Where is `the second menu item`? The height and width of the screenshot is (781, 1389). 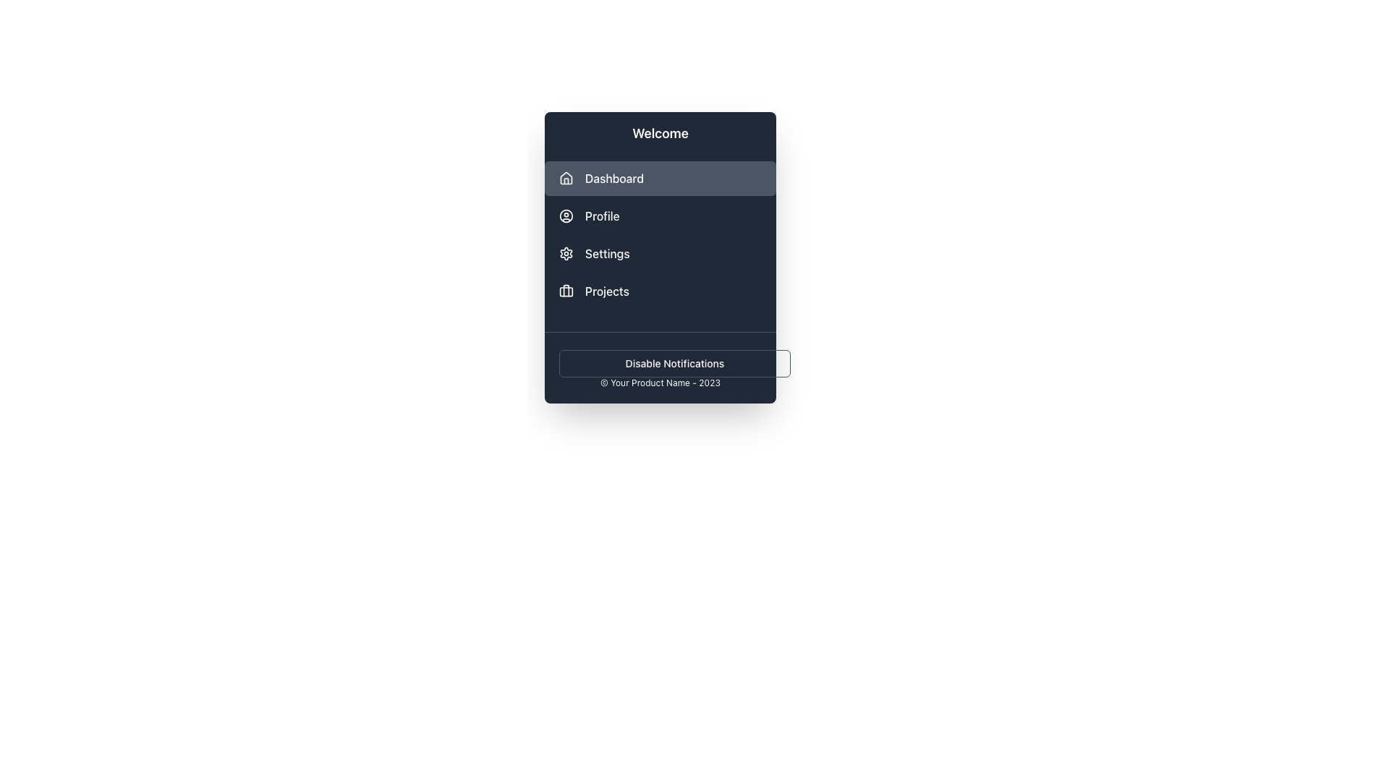 the second menu item is located at coordinates (659, 216).